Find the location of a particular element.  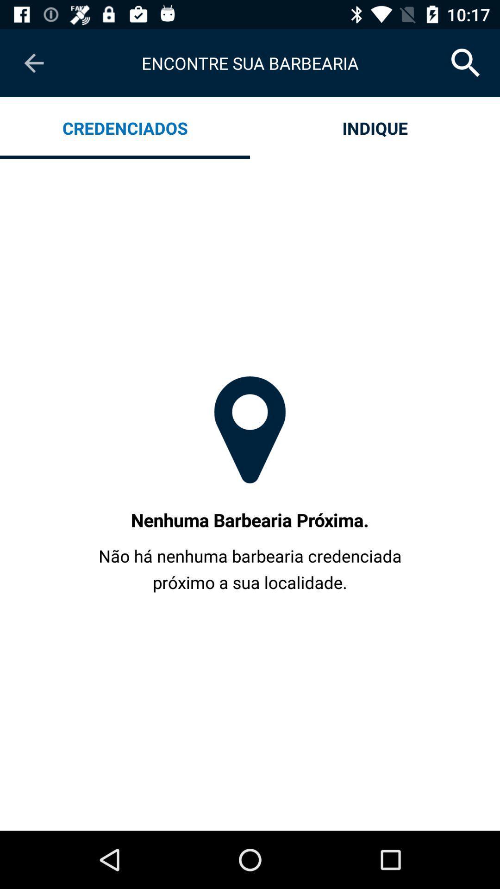

indique item is located at coordinates (375, 127).